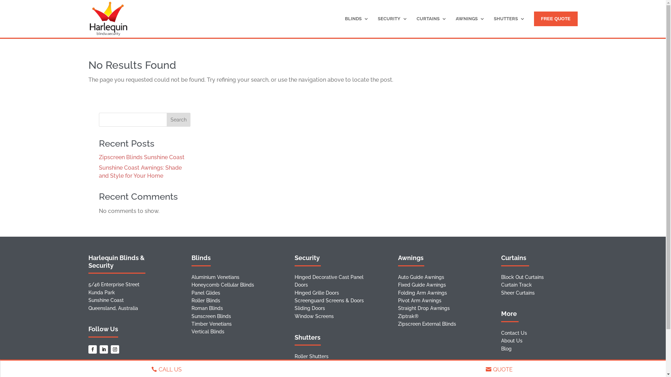  What do you see at coordinates (140, 171) in the screenshot?
I see `'Sunshine Coast Awnings: Shade and Style for Your Home'` at bounding box center [140, 171].